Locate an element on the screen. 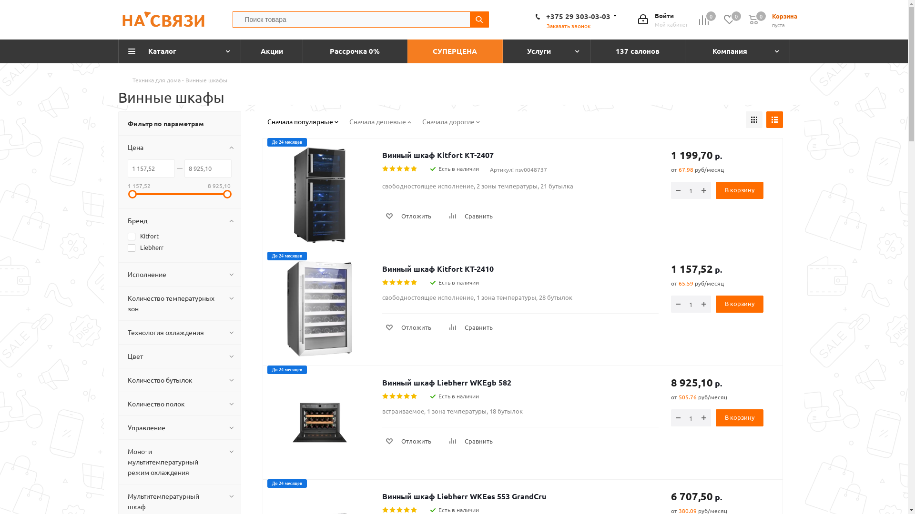  'nsv.by' is located at coordinates (163, 20).